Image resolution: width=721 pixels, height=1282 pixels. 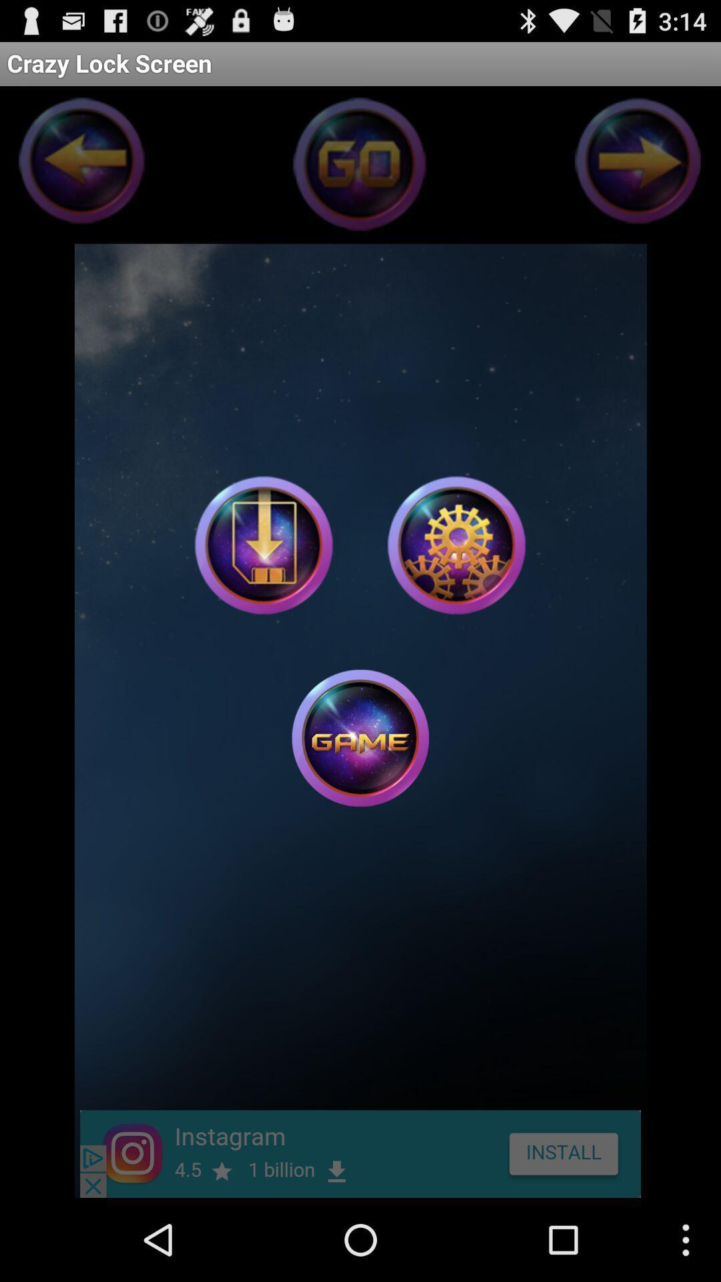 What do you see at coordinates (264, 545) in the screenshot?
I see `download game button` at bounding box center [264, 545].